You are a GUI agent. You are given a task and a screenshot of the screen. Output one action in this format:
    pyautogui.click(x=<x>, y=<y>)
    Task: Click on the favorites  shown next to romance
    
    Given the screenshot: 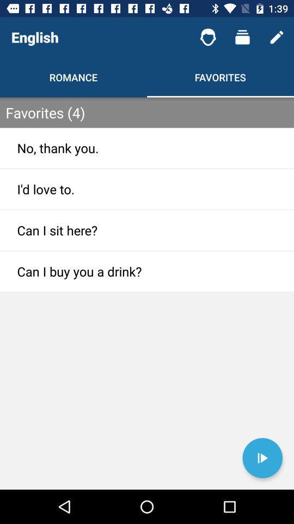 What is the action you would take?
    pyautogui.click(x=220, y=76)
    